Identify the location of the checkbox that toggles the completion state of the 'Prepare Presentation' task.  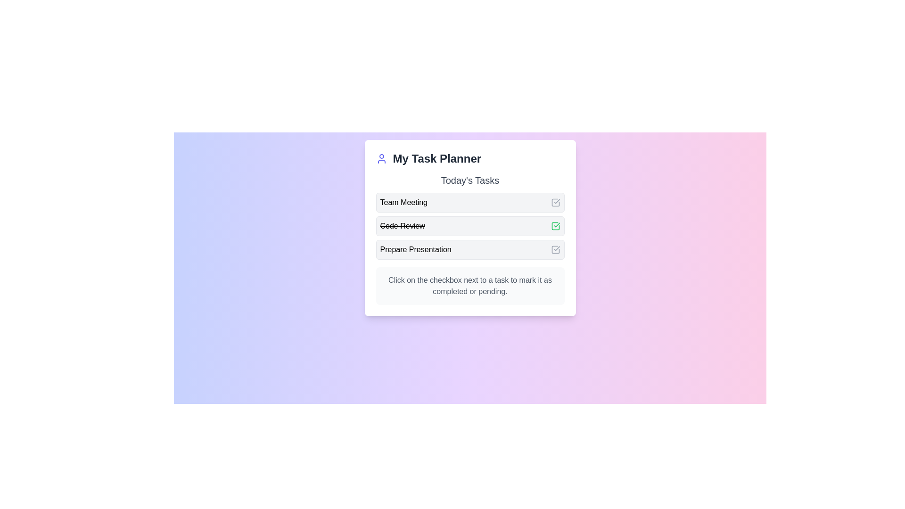
(555, 249).